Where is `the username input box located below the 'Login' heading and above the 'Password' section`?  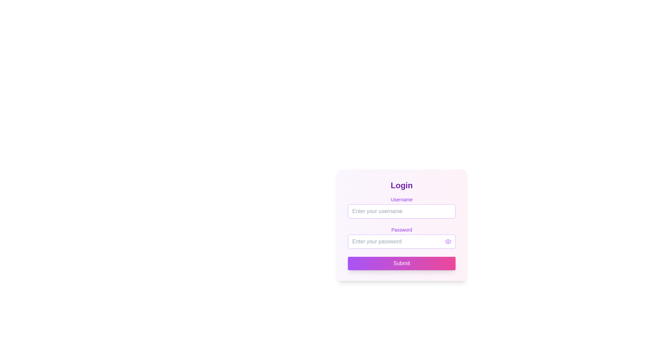
the username input box located below the 'Login' heading and above the 'Password' section is located at coordinates (402, 207).